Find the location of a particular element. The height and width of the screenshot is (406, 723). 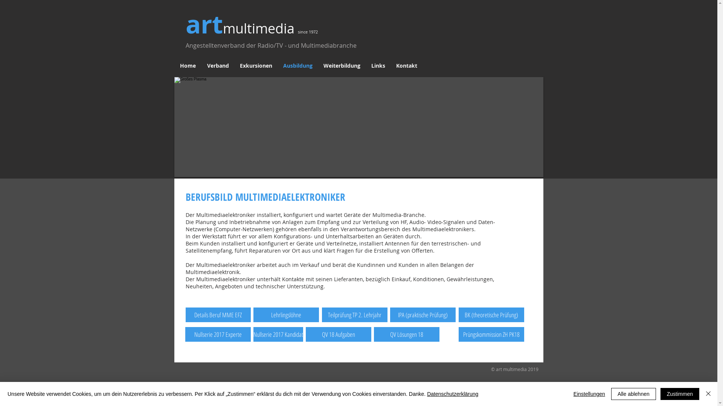

'Ausbildung' is located at coordinates (297, 65).